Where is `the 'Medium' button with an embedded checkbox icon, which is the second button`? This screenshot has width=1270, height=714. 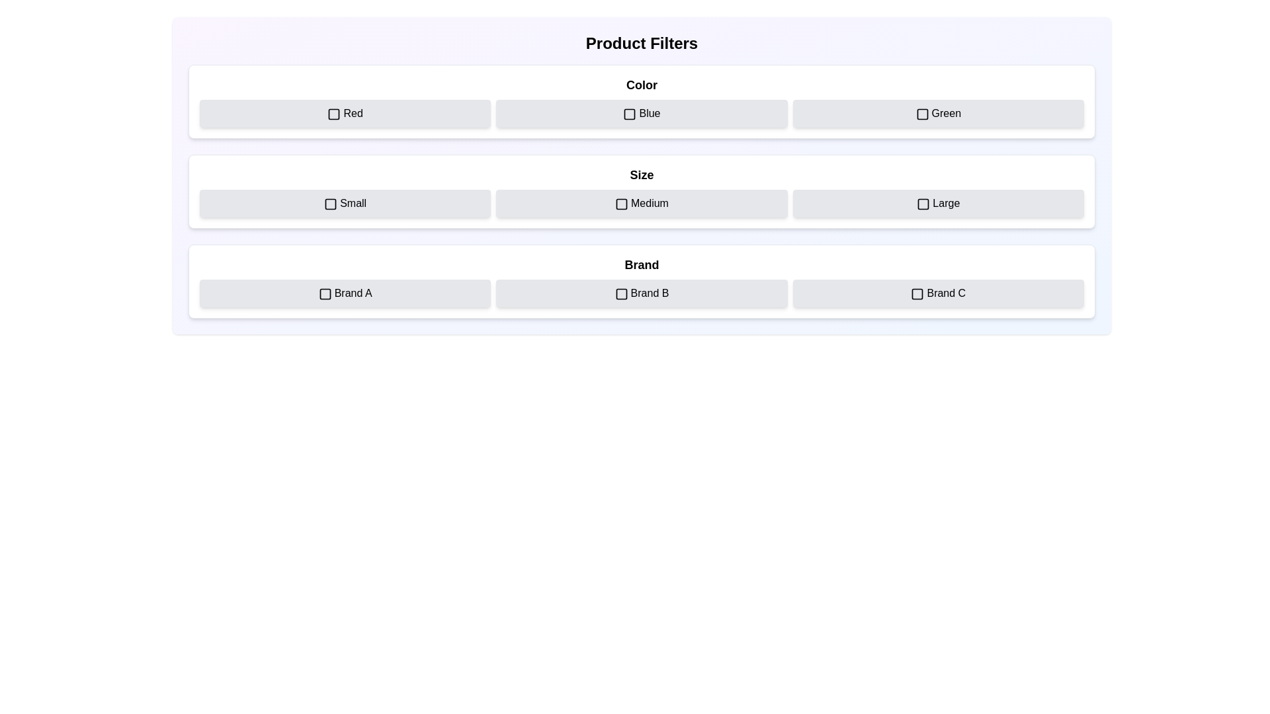 the 'Medium' button with an embedded checkbox icon, which is the second button is located at coordinates (642, 204).